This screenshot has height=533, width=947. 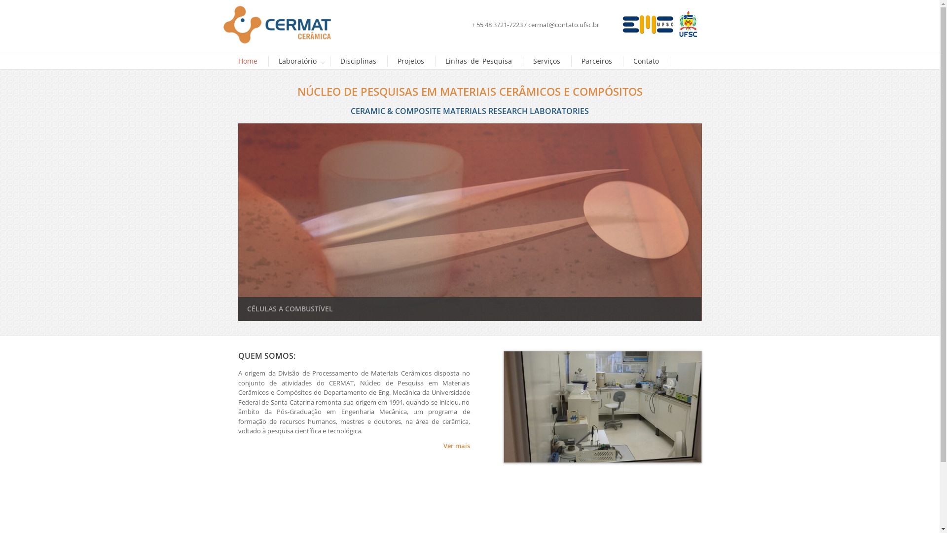 I want to click on 'Ver mais', so click(x=456, y=446).